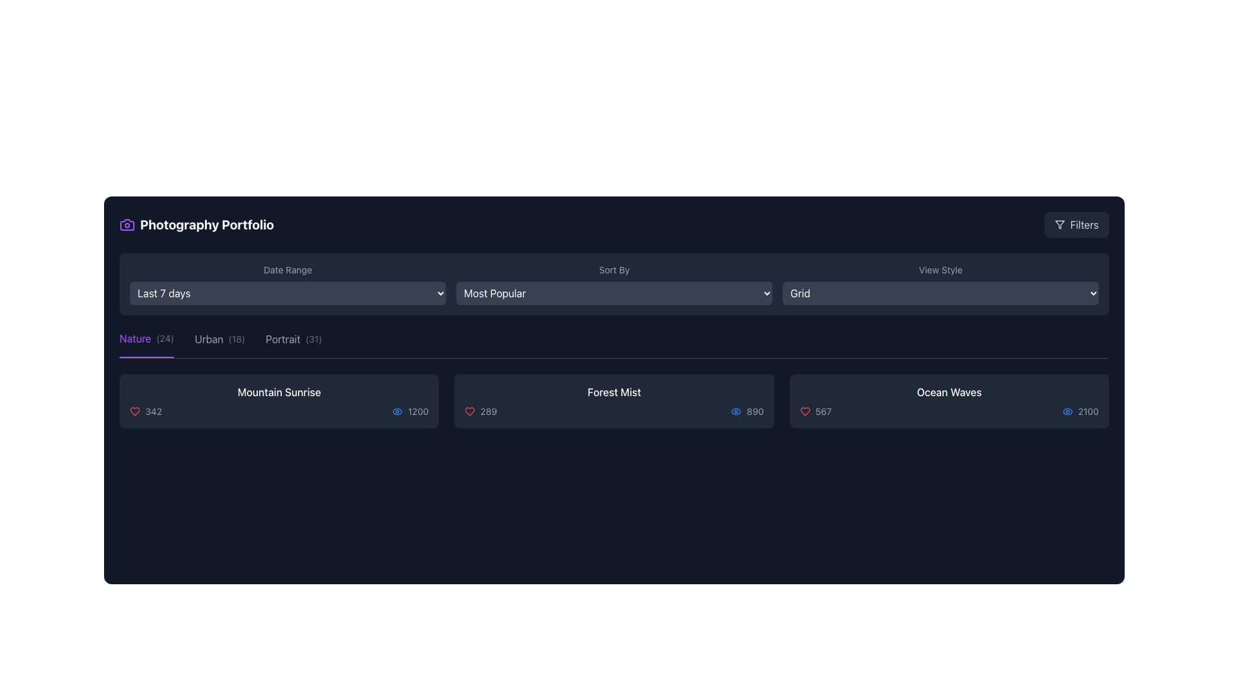 The width and height of the screenshot is (1241, 698). I want to click on the 'favorite' button associated with the 'Forest Mist' item for keyboard interaction, so click(469, 411).